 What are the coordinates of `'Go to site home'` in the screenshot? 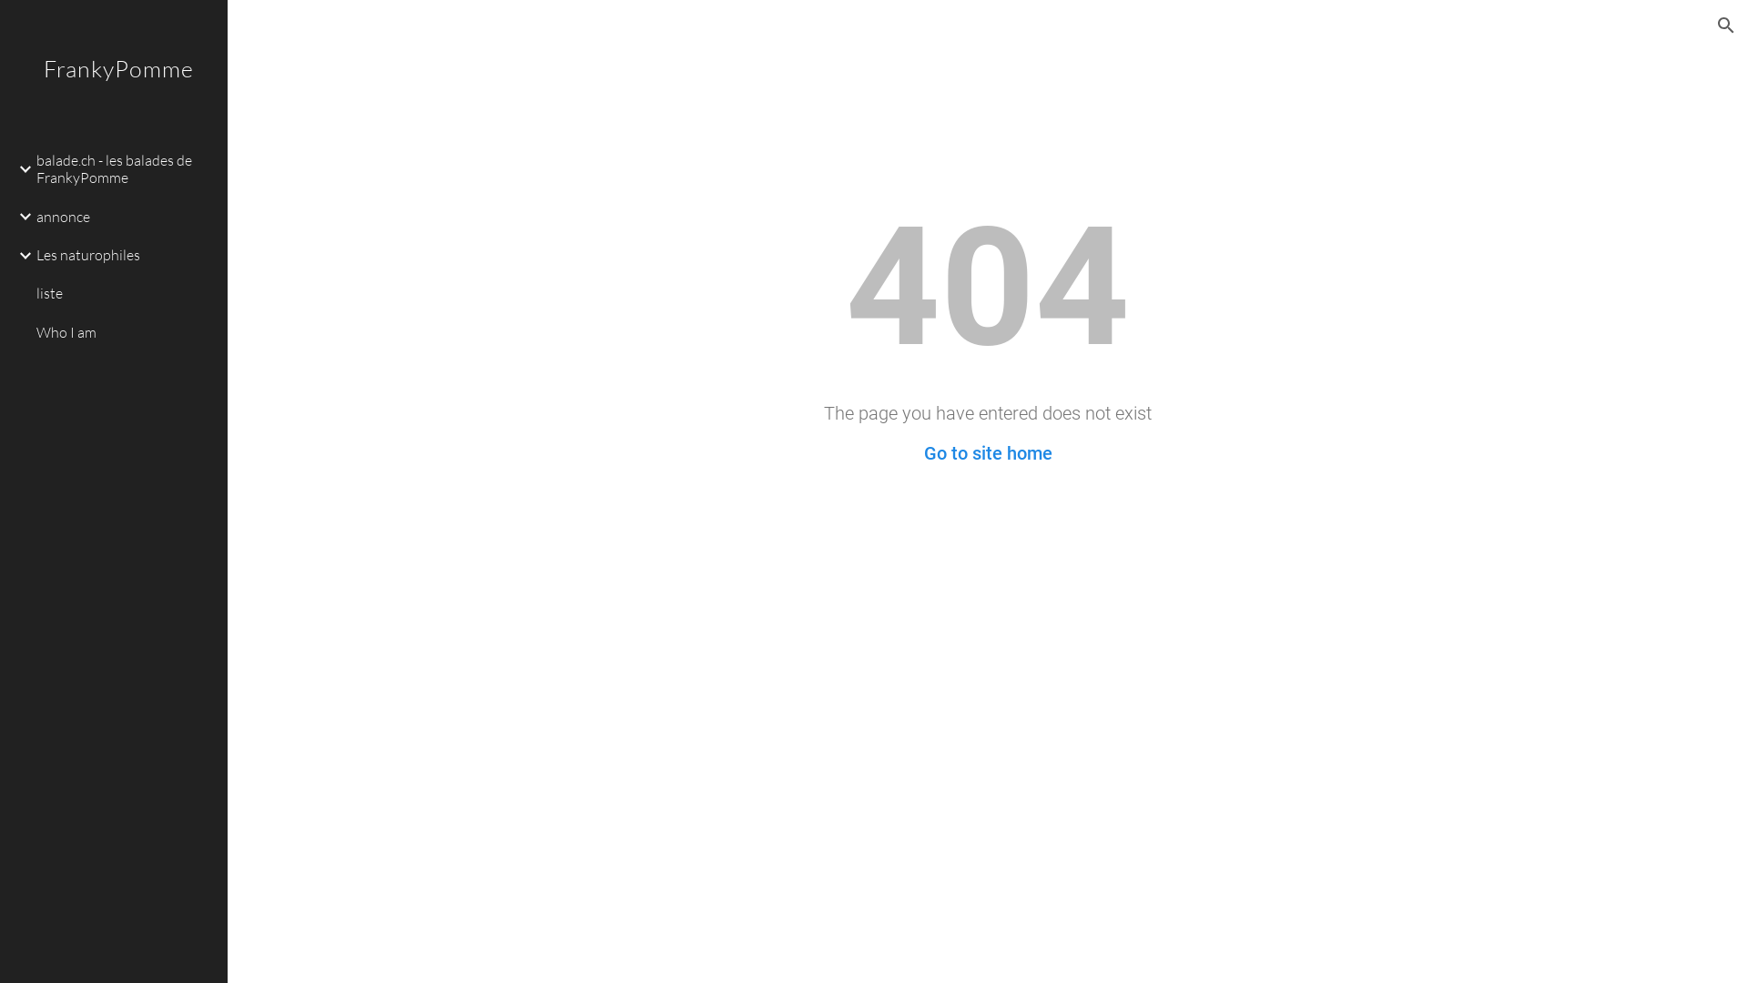 It's located at (922, 451).